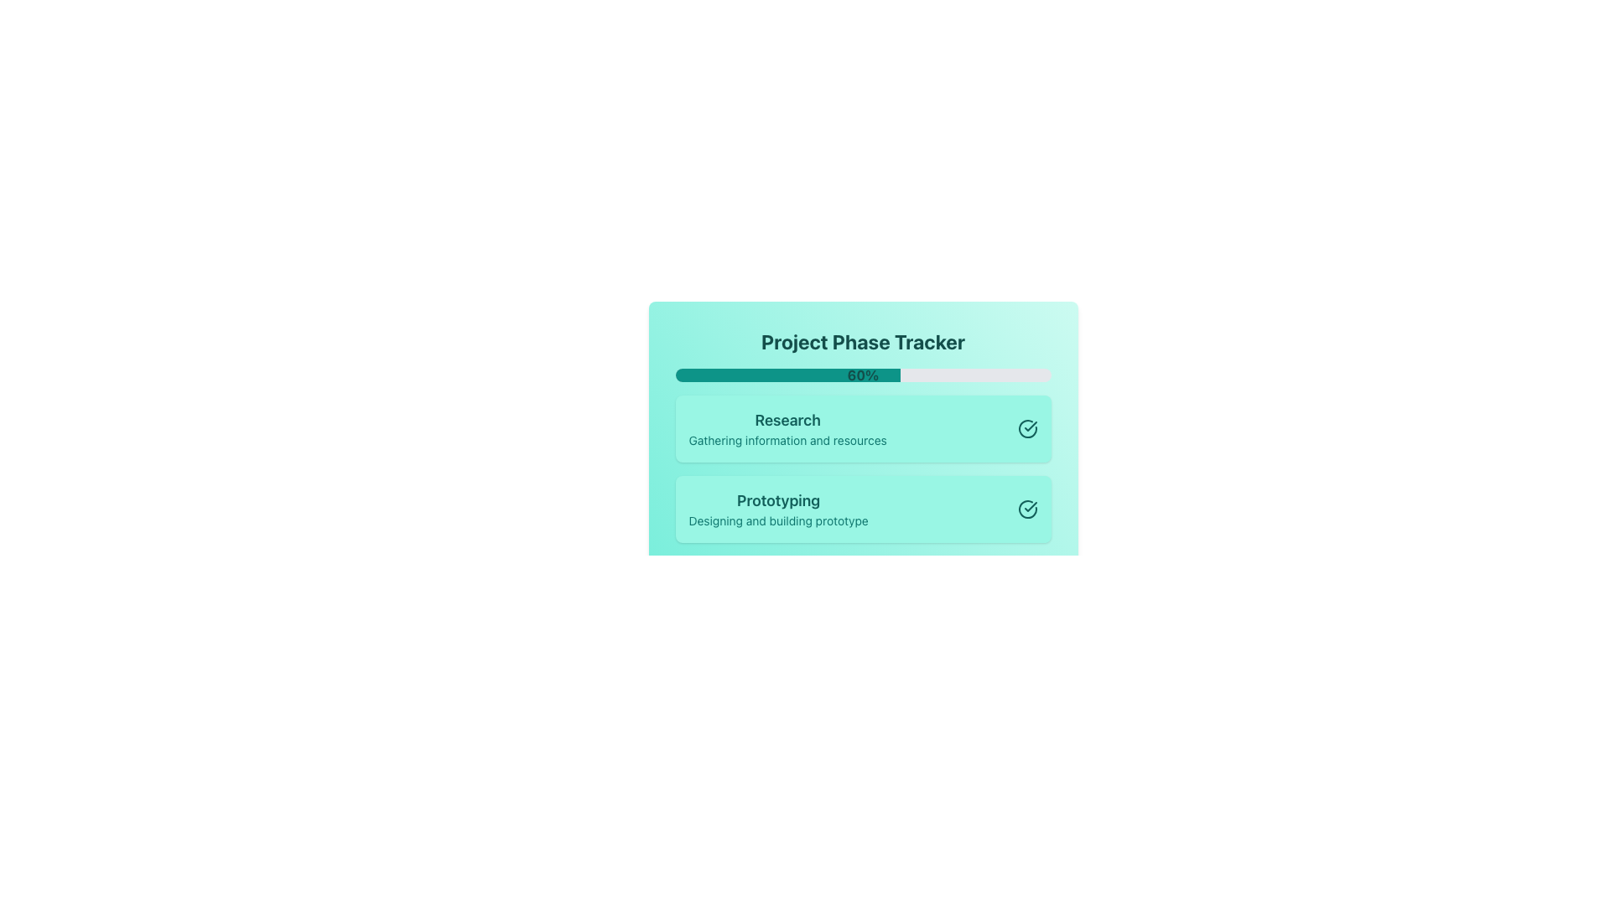 The image size is (1610, 905). Describe the element at coordinates (787, 428) in the screenshot. I see `the informational text block that summarizes the 'Research' phase within the multiphase project tracker, which is located inside a light teal card beneath the progress bar and above the 'Prototyping' card` at that location.